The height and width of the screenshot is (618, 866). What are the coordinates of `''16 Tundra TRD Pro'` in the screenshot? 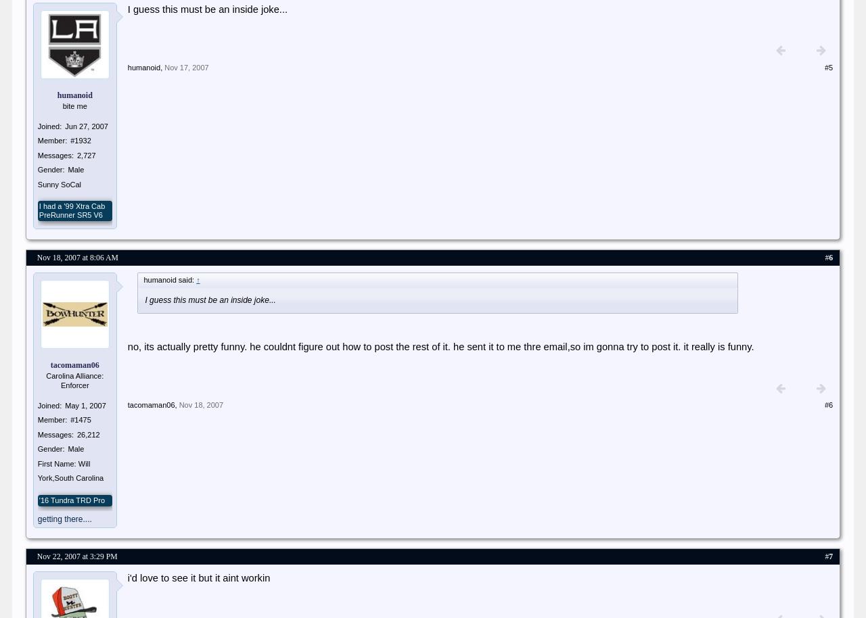 It's located at (70, 499).